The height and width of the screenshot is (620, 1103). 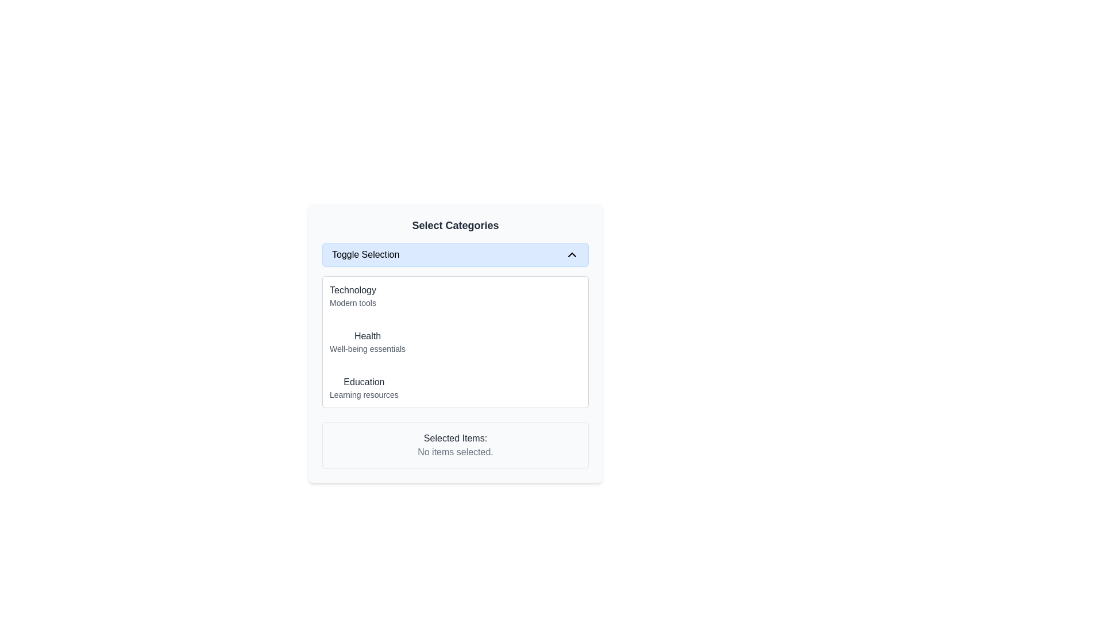 I want to click on the second item in the 'Select Categories' list, which represents a selectable category for health and well-being essentials, so click(x=367, y=342).